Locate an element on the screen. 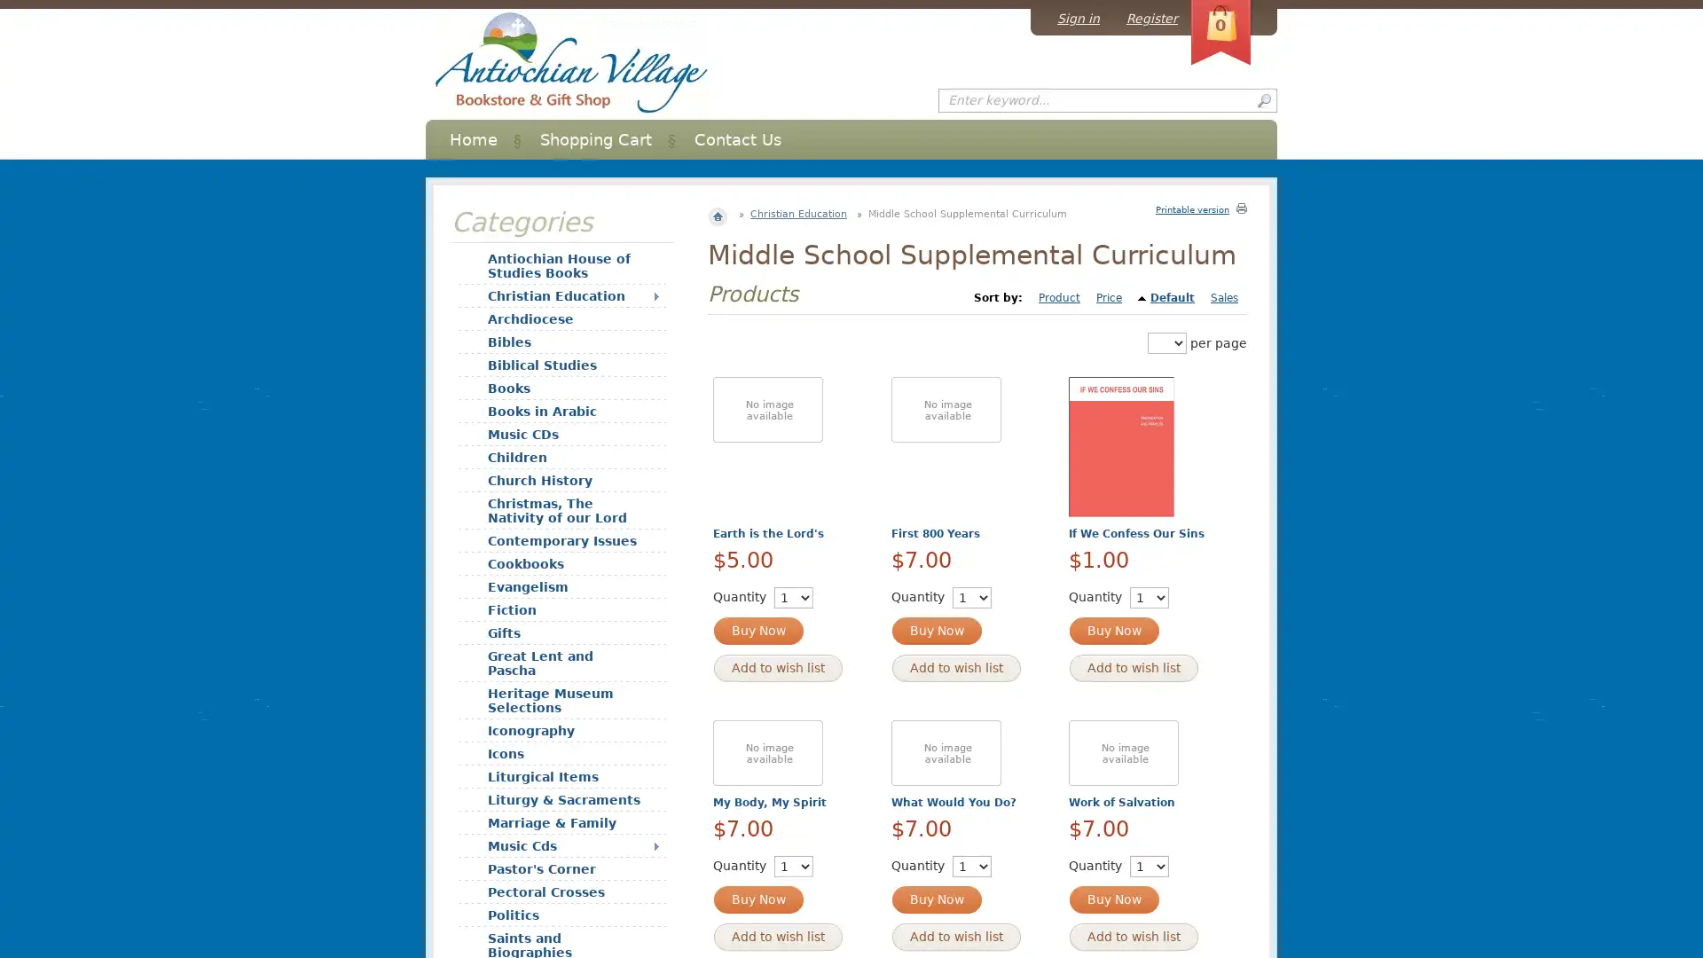 The width and height of the screenshot is (1703, 958). Add to wish list is located at coordinates (778, 668).